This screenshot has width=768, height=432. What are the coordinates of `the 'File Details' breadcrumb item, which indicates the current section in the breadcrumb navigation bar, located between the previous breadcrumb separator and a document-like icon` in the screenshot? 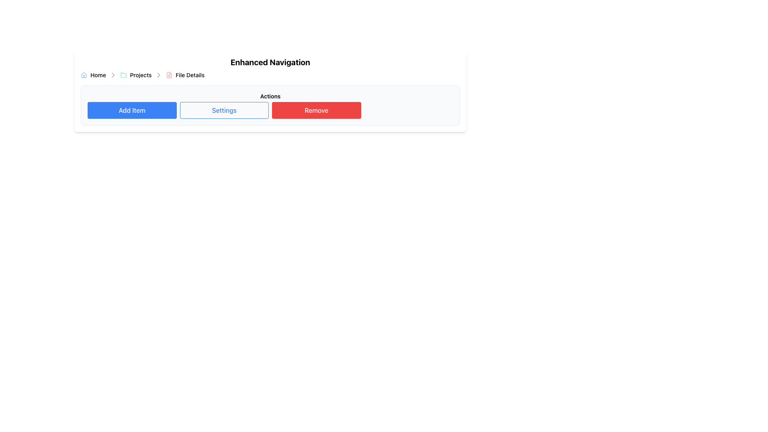 It's located at (185, 75).